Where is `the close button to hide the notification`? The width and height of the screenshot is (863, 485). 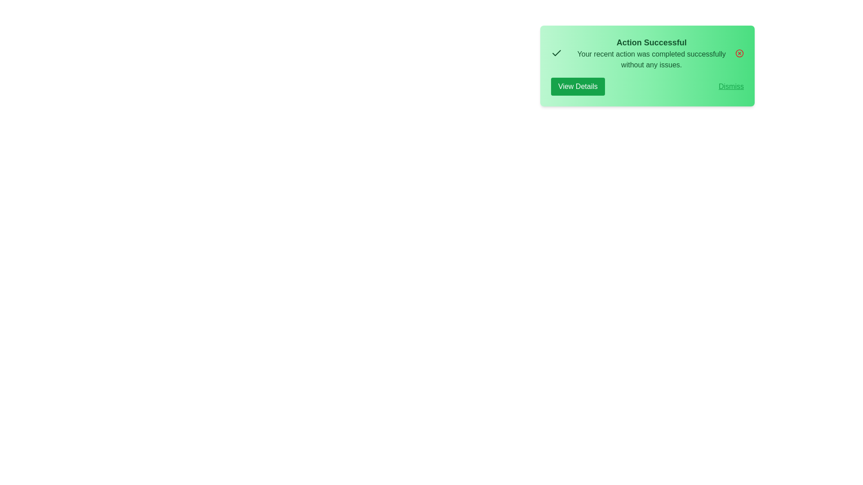 the close button to hide the notification is located at coordinates (739, 53).